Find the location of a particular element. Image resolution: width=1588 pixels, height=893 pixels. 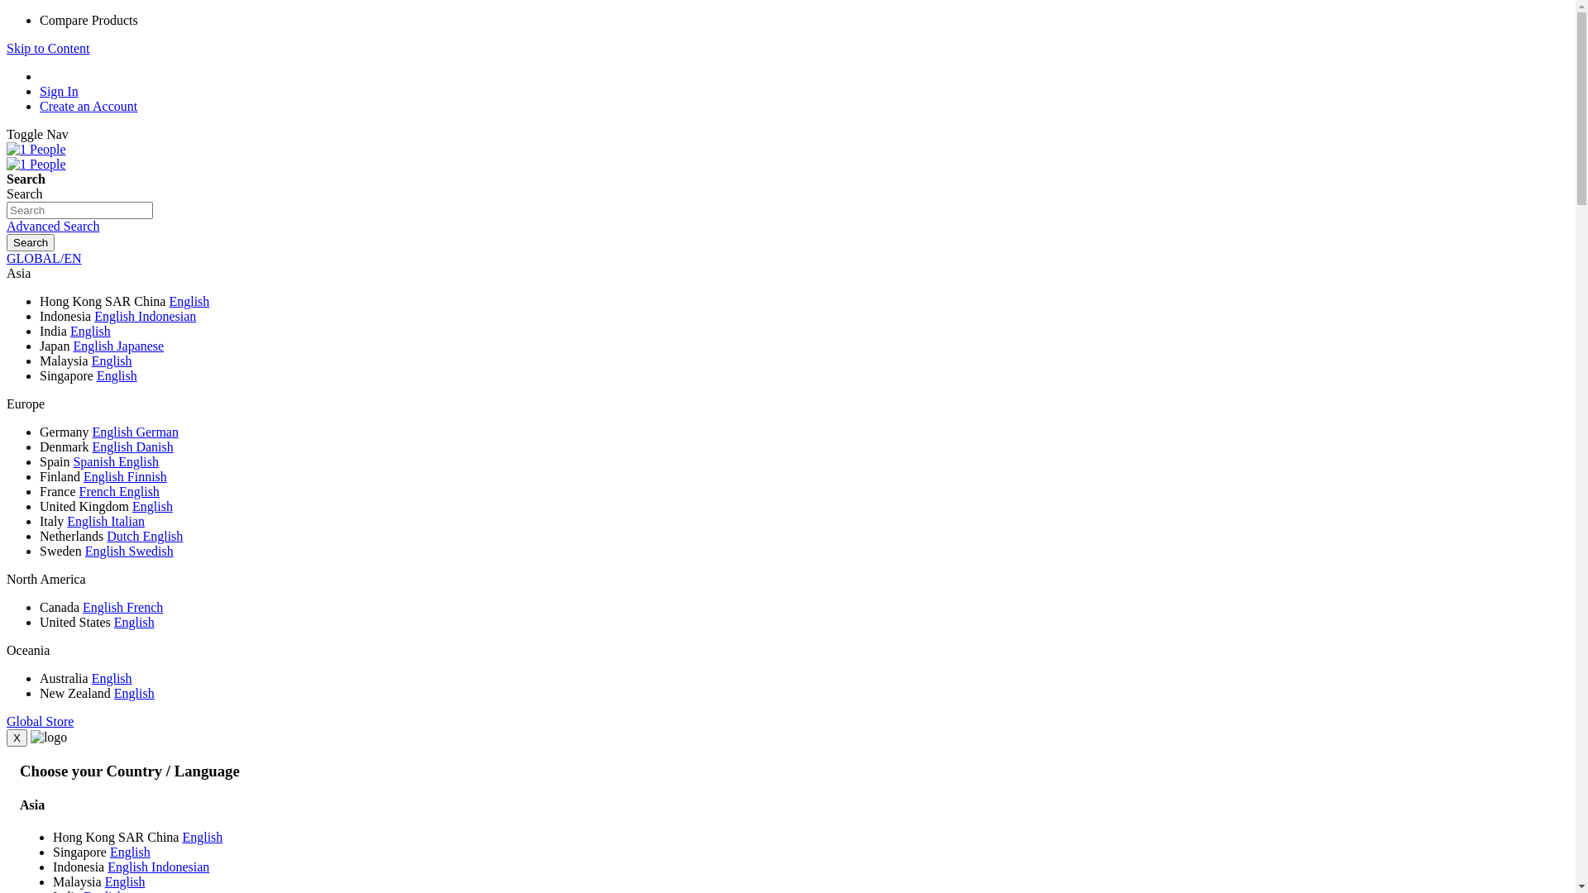

'Compare Products' is located at coordinates (88, 20).